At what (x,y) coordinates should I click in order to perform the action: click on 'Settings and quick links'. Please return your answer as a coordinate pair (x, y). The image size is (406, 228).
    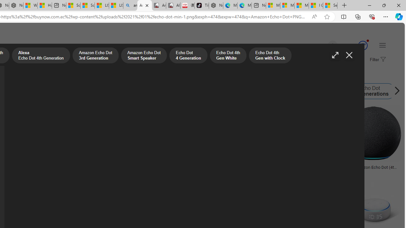
    Looking at the image, I should click on (382, 45).